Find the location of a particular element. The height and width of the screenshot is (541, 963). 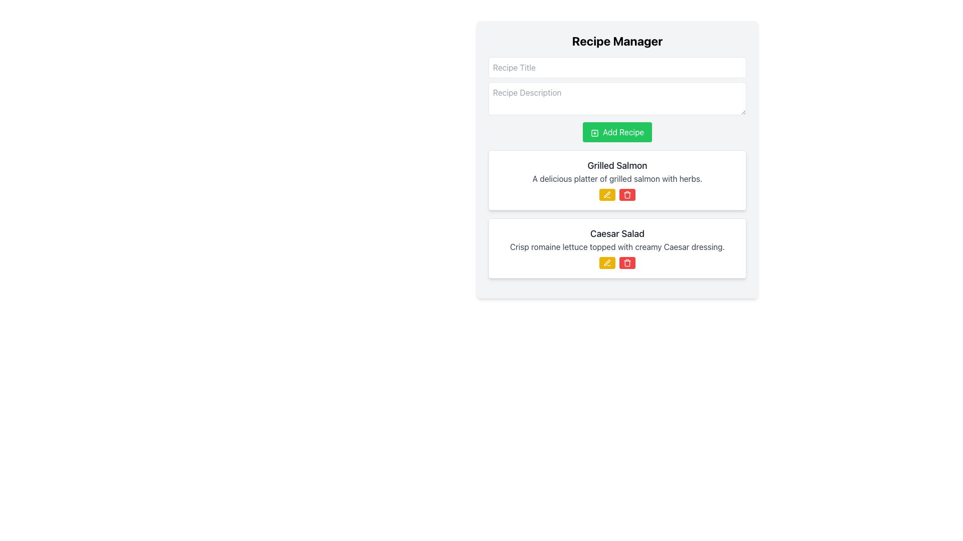

the 'Add Recipe' button, which is a green rectangular button with rounded corners and white text is located at coordinates (616, 131).